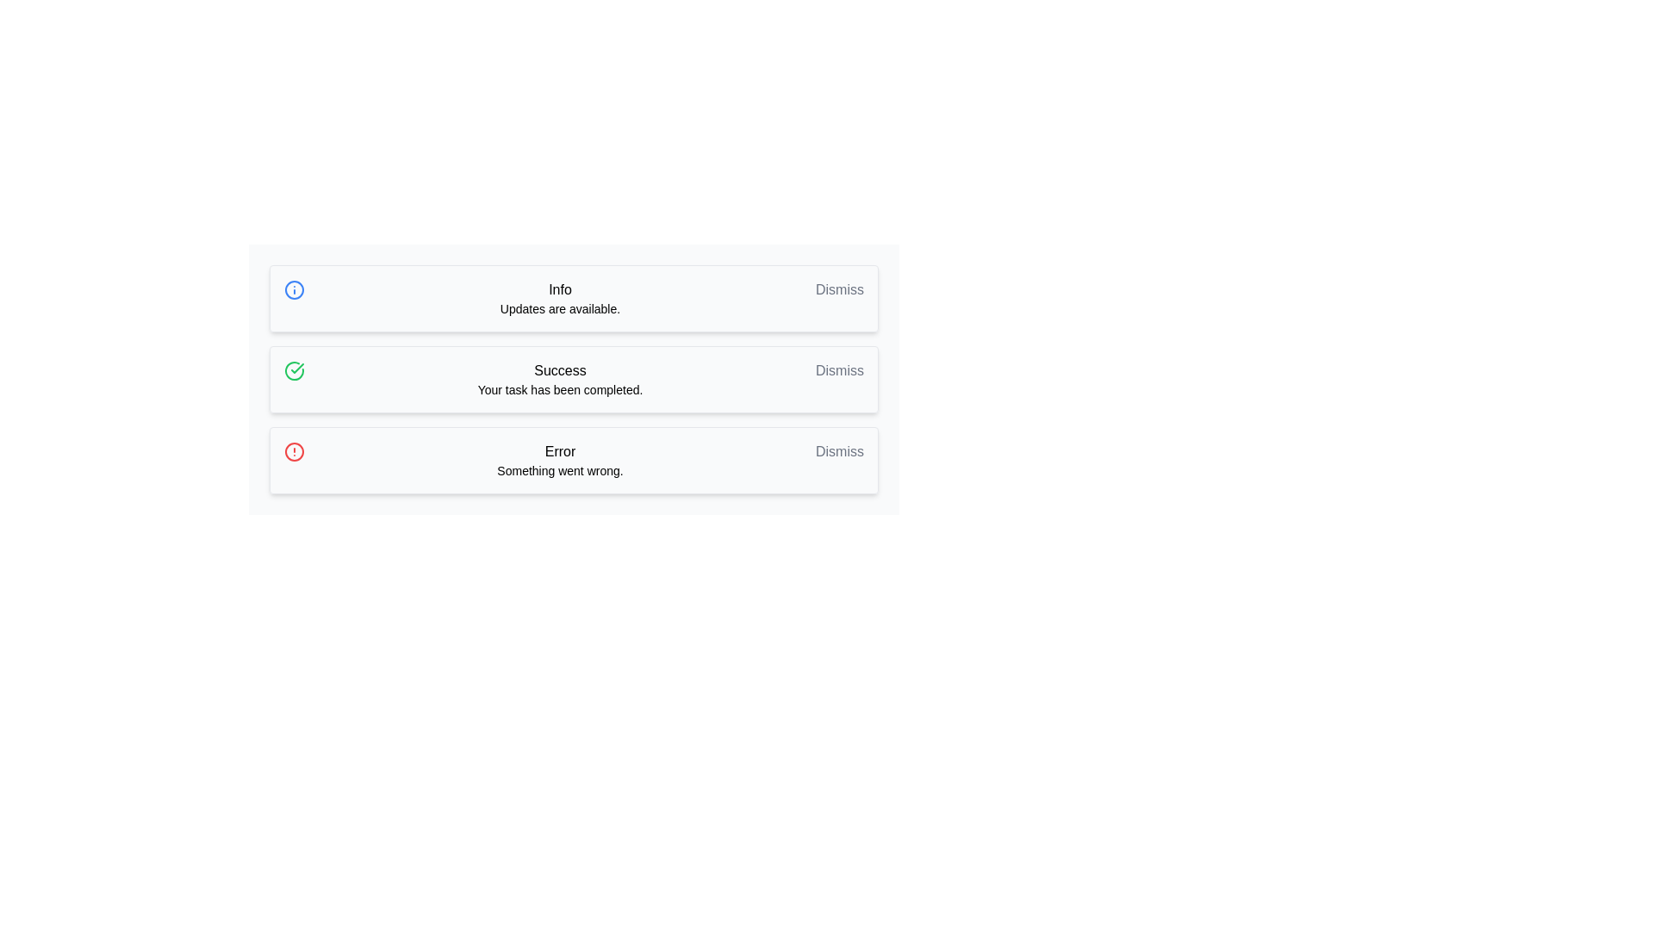 This screenshot has width=1654, height=930. I want to click on the green checkmark icon within the 'Success' notification card, which visually represents success or confirmation, so click(297, 368).